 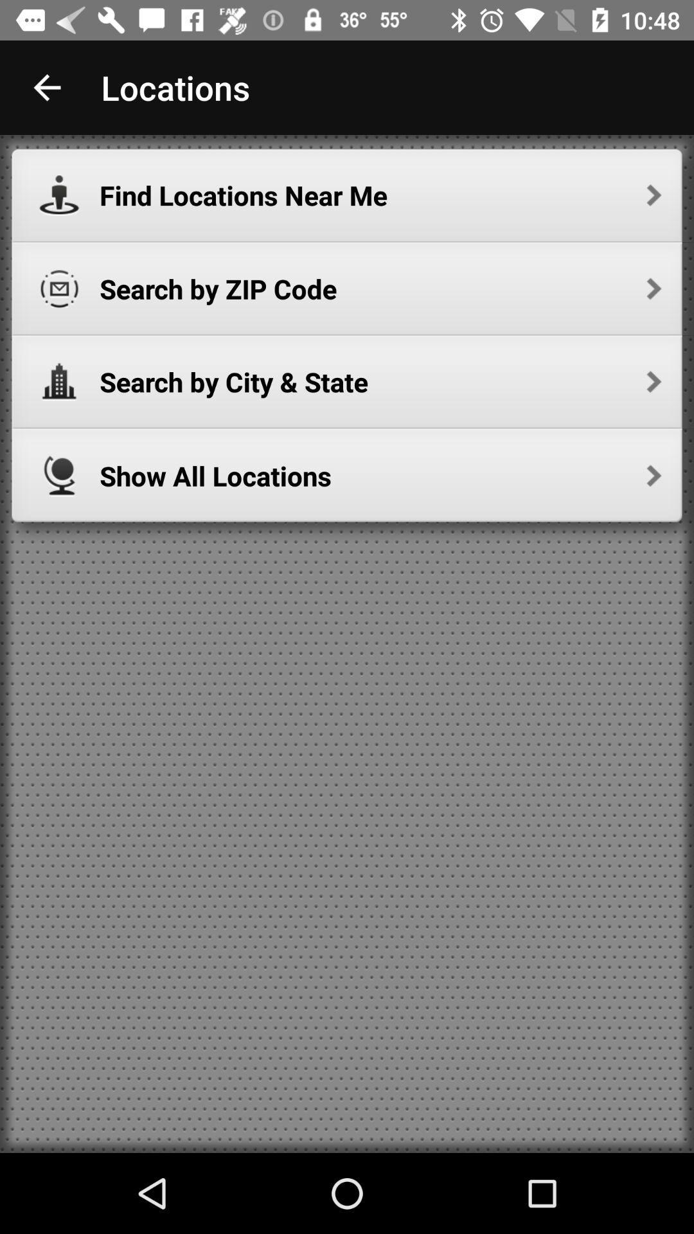 What do you see at coordinates (380, 475) in the screenshot?
I see `show all locations icon` at bounding box center [380, 475].